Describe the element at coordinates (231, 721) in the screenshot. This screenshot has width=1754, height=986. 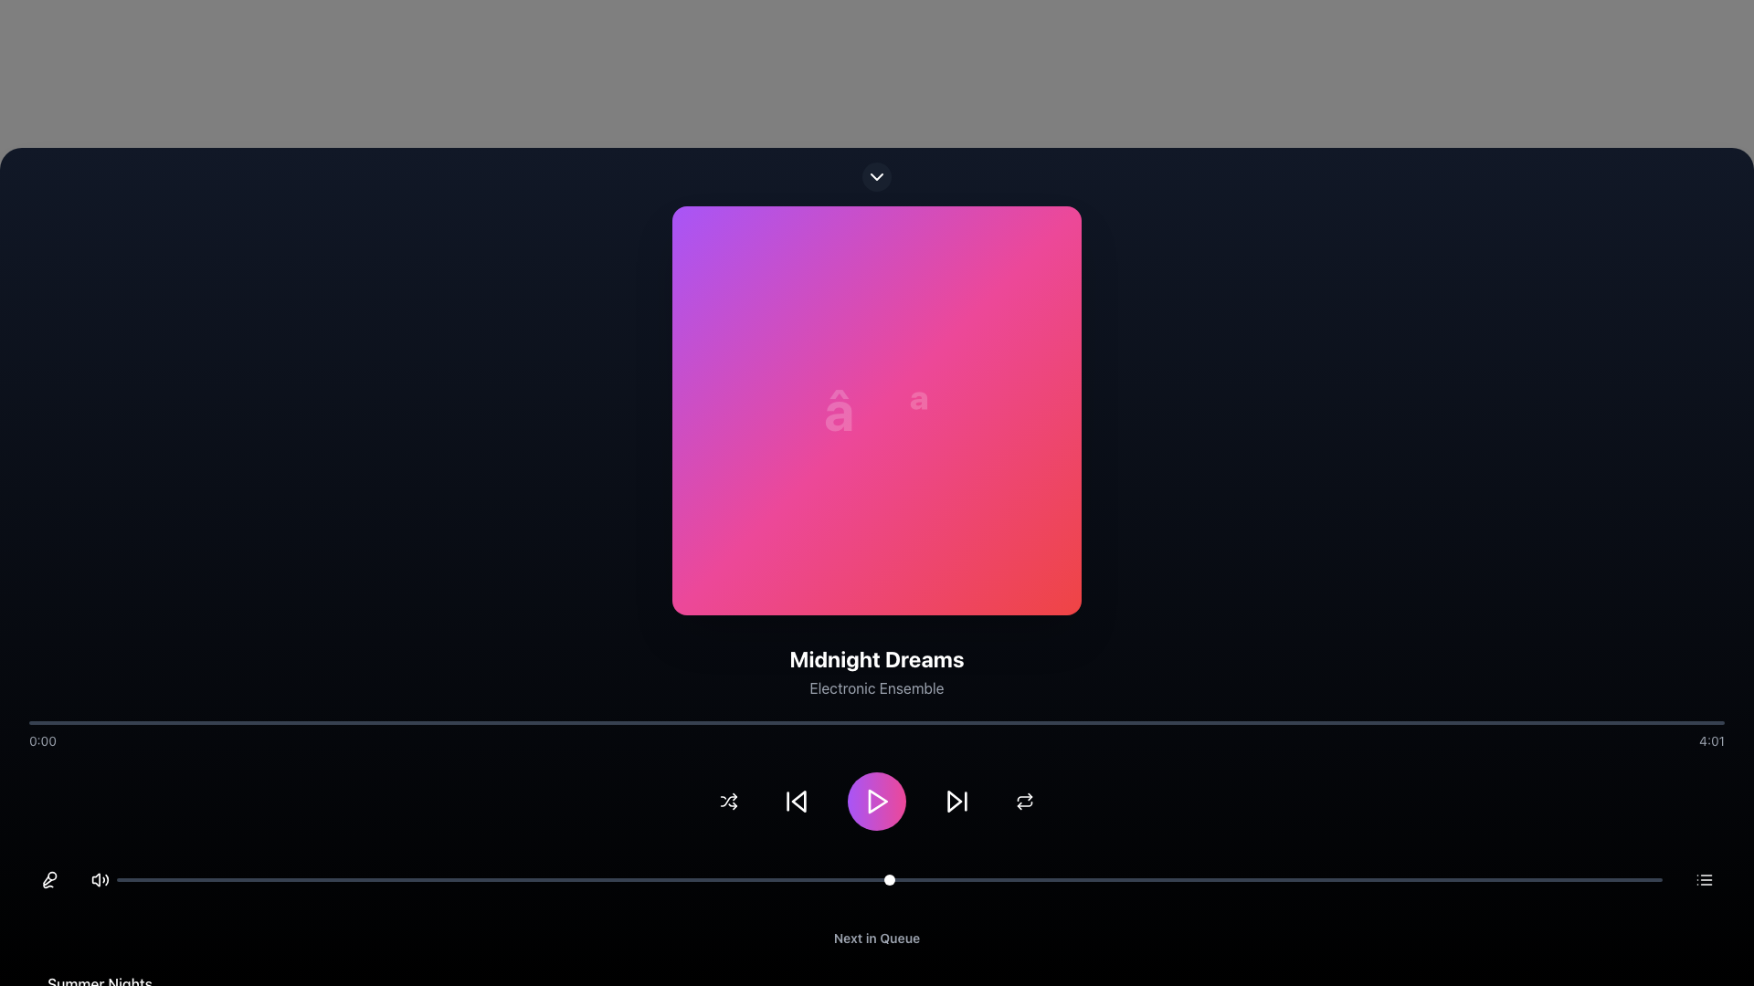
I see `playback position` at that location.